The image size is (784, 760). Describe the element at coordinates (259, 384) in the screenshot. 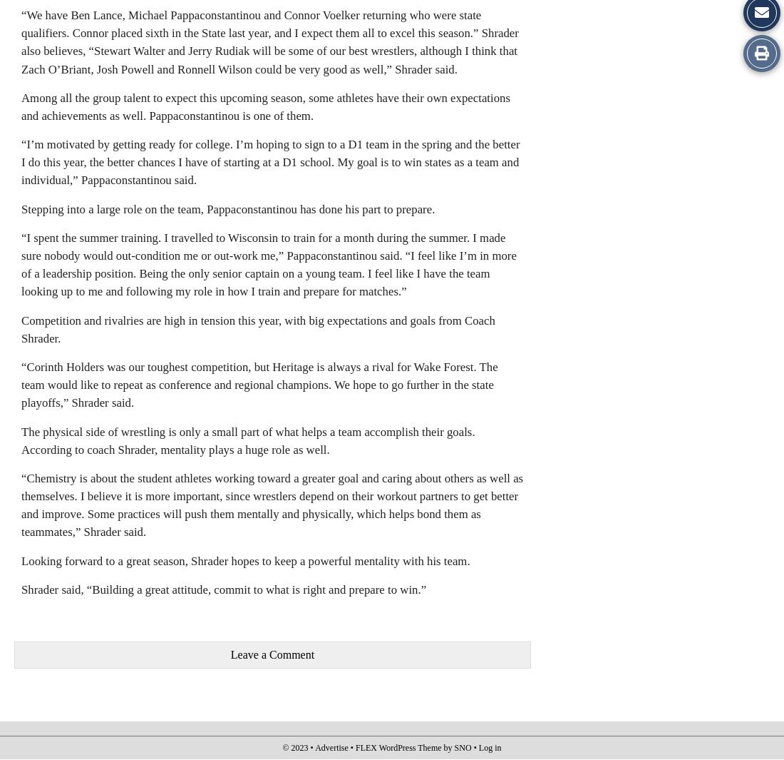

I see `'“Corinth Holders was our toughest competition, but Heritage is always a rival for Wake Forest. The team would like to repeat as conference and regional champions. We hope to go further in the state playoffs,” Shrader said.'` at that location.